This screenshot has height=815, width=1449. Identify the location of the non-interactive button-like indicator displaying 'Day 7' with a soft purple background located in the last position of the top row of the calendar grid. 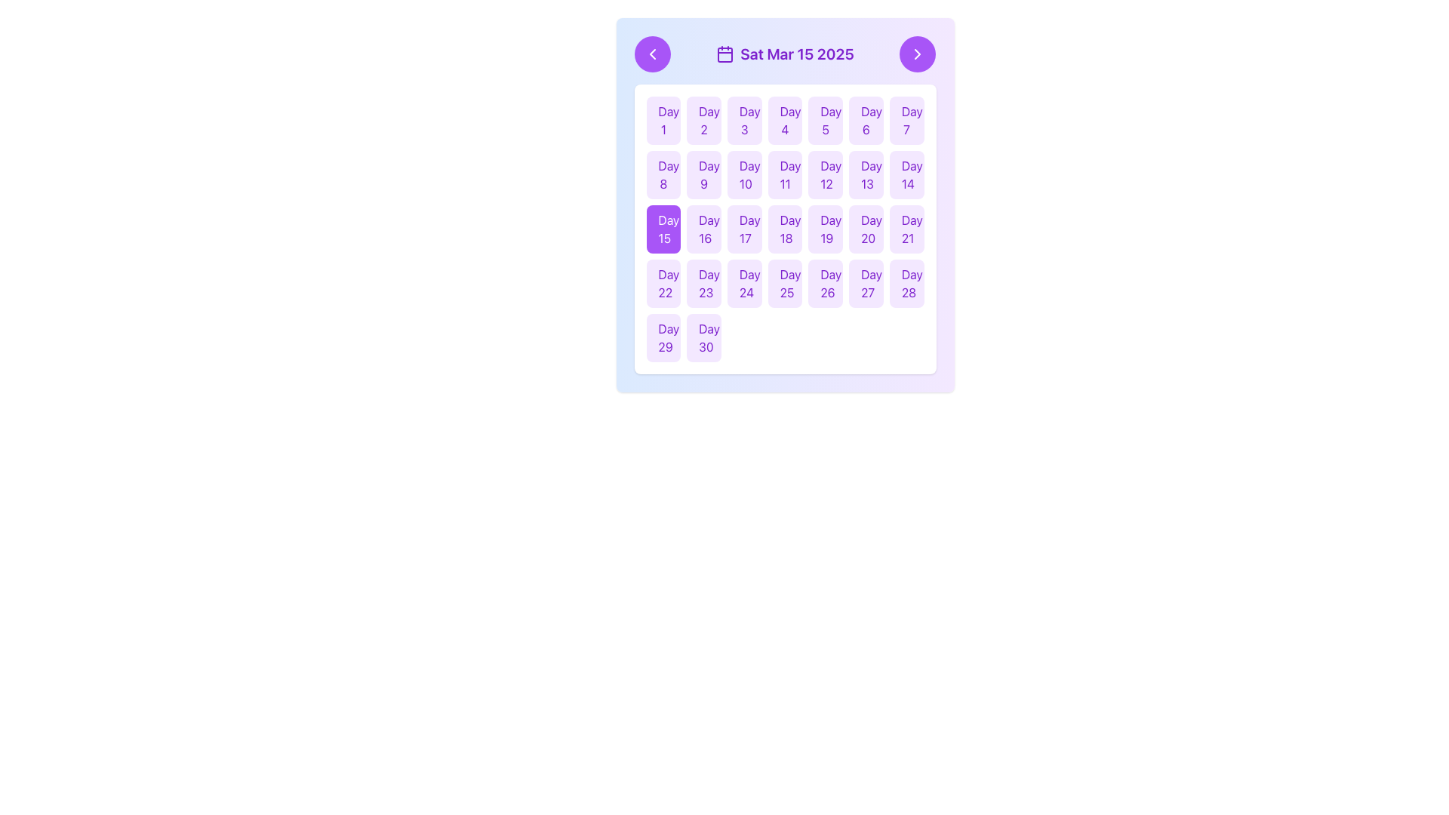
(906, 119).